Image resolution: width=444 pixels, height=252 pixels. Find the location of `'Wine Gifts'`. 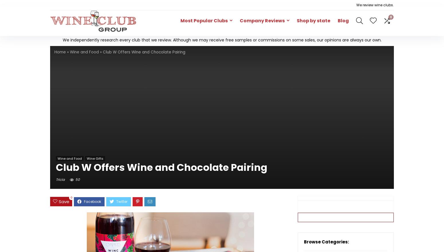

'Wine Gifts' is located at coordinates (95, 158).